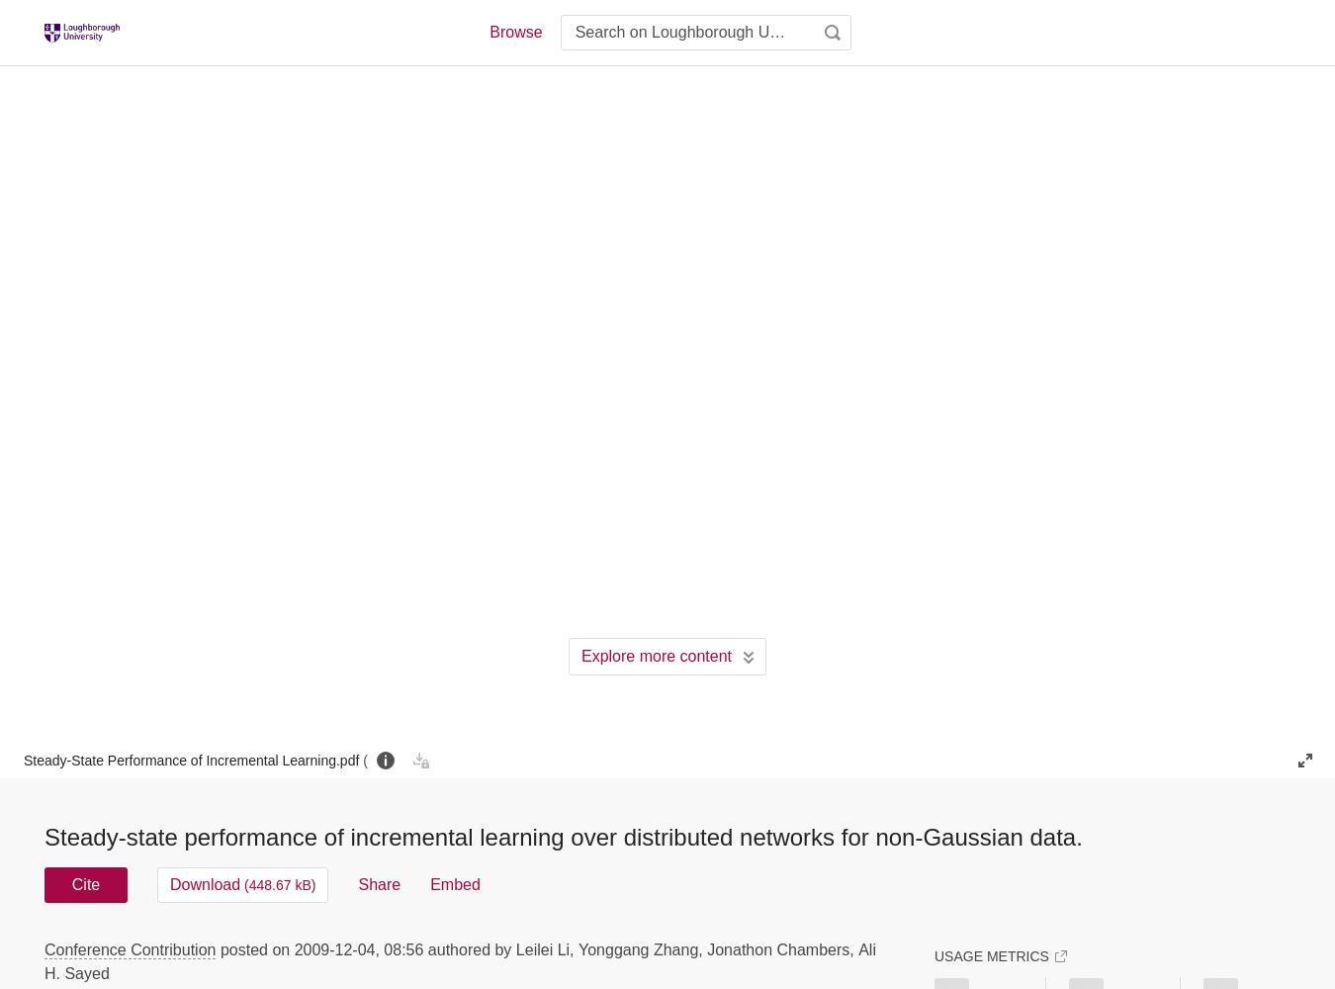 The height and width of the screenshot is (989, 1335). What do you see at coordinates (705, 947) in the screenshot?
I see `'Jonathon Chambers'` at bounding box center [705, 947].